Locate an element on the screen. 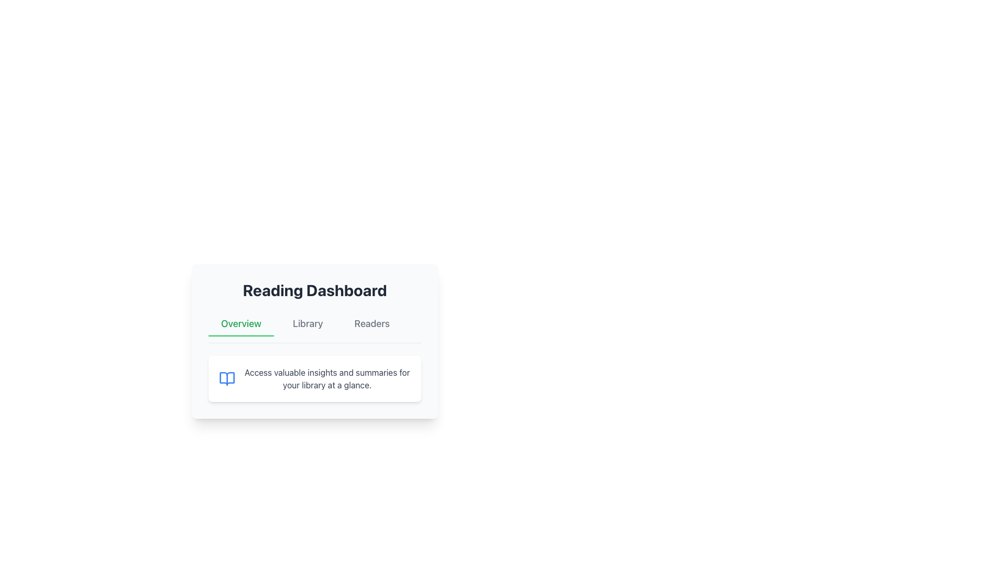  the second button in the horizontal navigation bar below the 'Reading Dashboard' header is located at coordinates (307, 323).